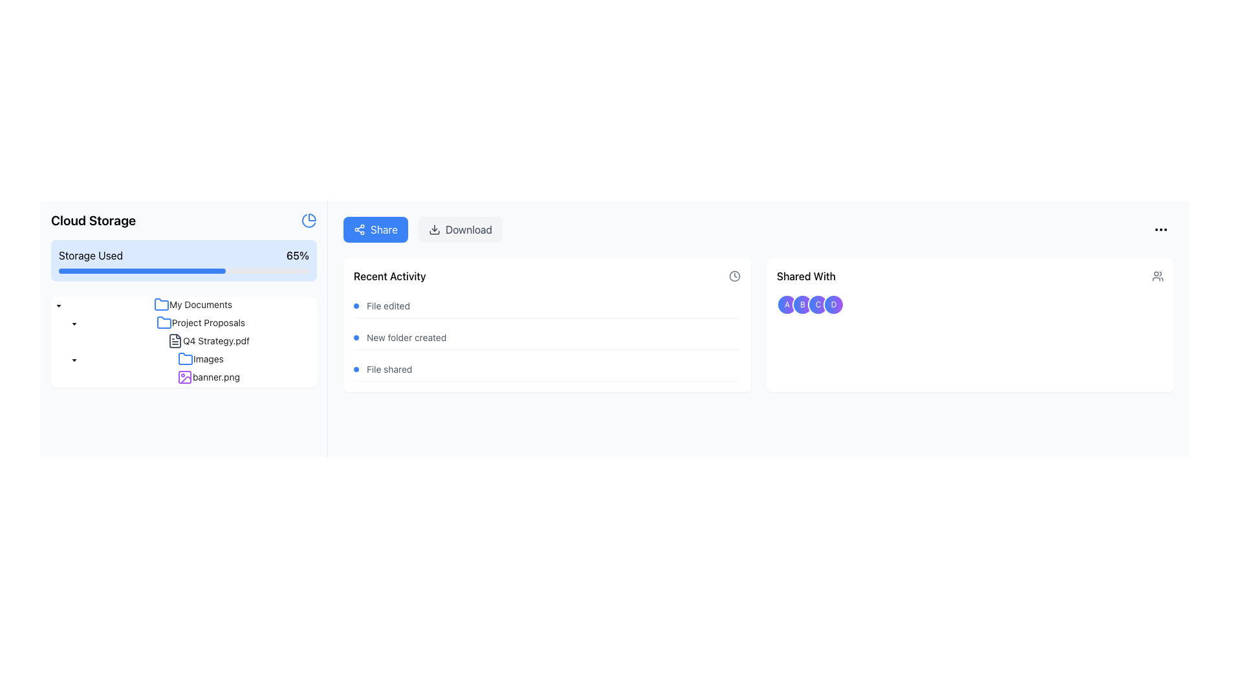 The width and height of the screenshot is (1242, 699). I want to click on the progress bar indicating used storage space in the Cloud Storage section, located below the 'Storage Used' label, so click(142, 271).